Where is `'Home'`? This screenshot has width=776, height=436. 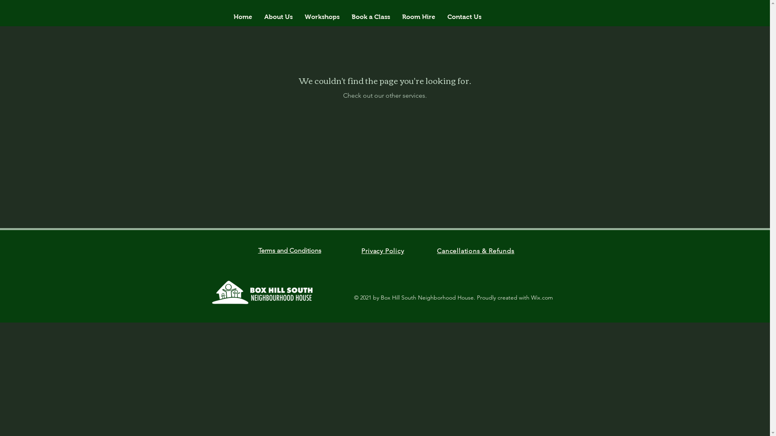
'Home' is located at coordinates (242, 17).